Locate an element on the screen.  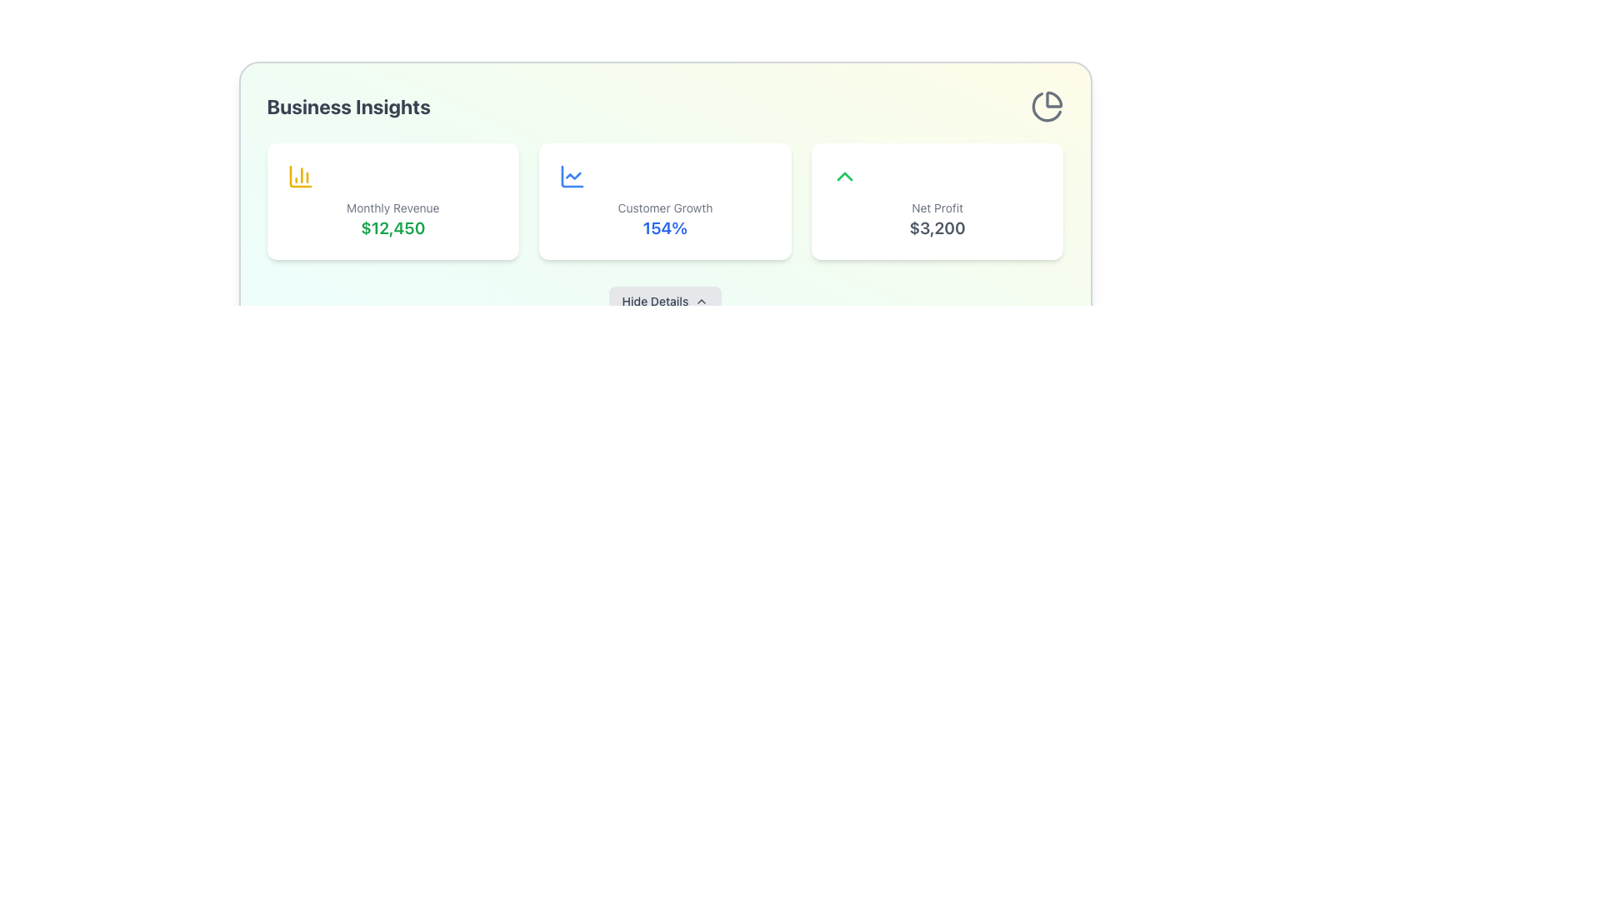
the green upward-pointing chevron icon located above the text '$3,200' within the 'Net Profit' card is located at coordinates (844, 177).